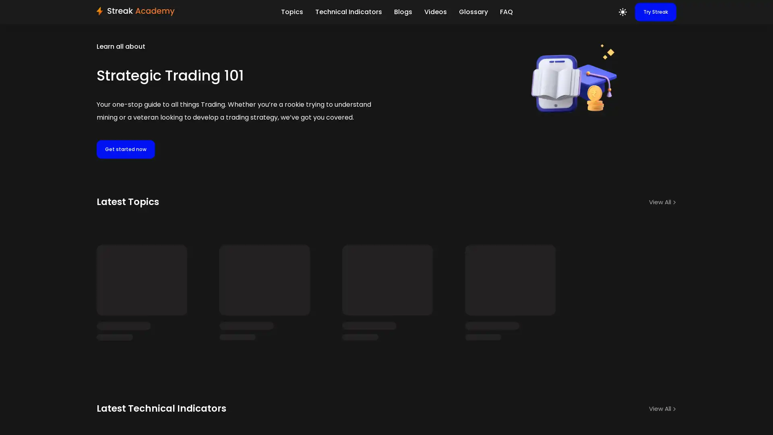  What do you see at coordinates (663, 397) in the screenshot?
I see `View All` at bounding box center [663, 397].